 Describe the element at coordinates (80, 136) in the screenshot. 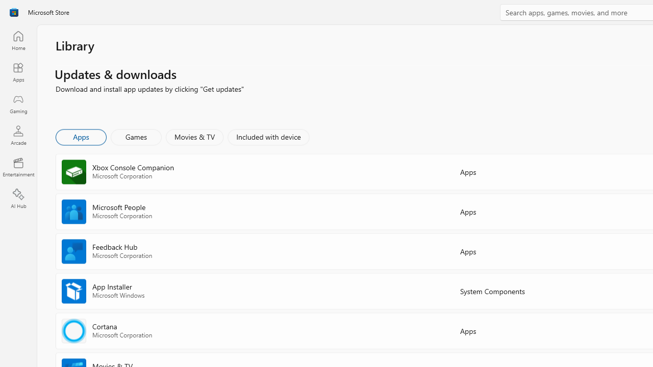

I see `'Apps'` at that location.